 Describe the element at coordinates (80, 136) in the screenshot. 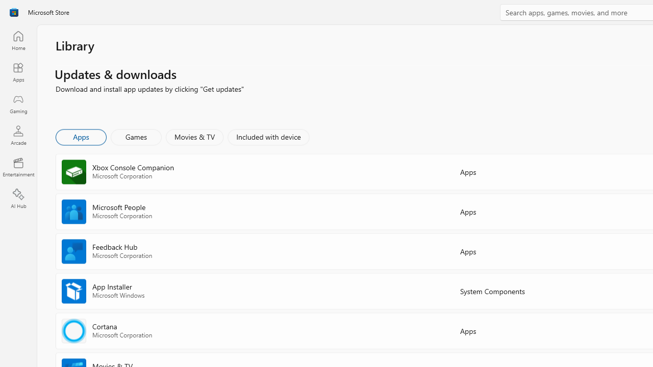

I see `'Apps'` at that location.